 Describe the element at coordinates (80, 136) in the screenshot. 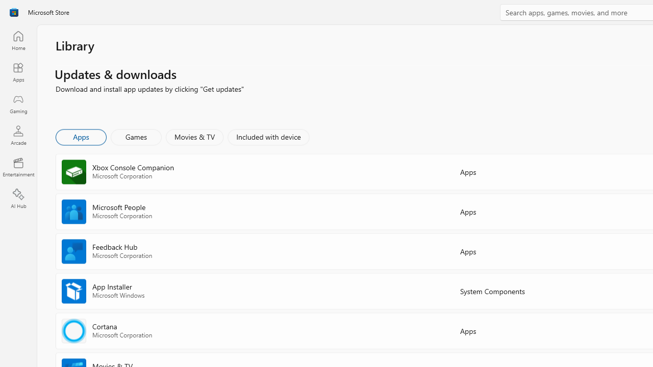

I see `'Apps'` at that location.